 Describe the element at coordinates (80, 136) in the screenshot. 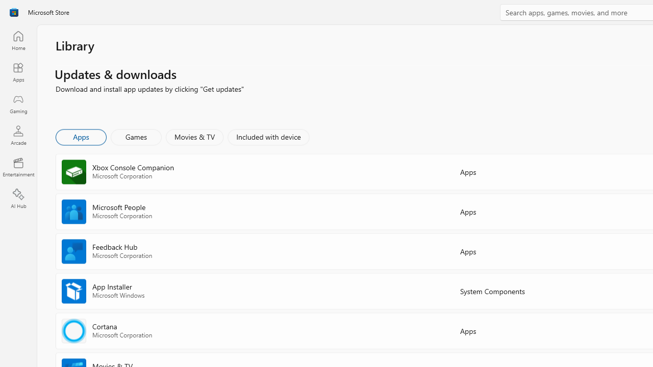

I see `'Apps'` at that location.